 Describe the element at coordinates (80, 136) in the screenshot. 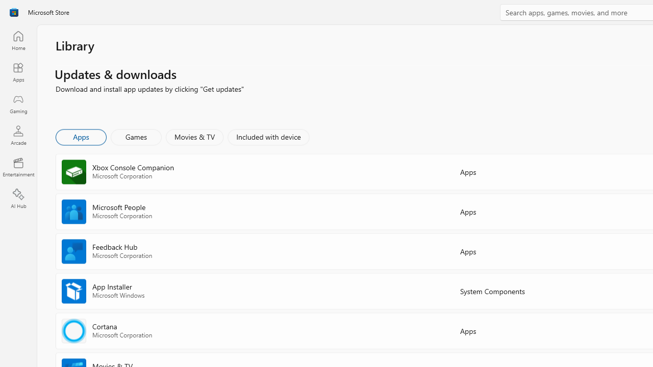

I see `'Apps'` at that location.